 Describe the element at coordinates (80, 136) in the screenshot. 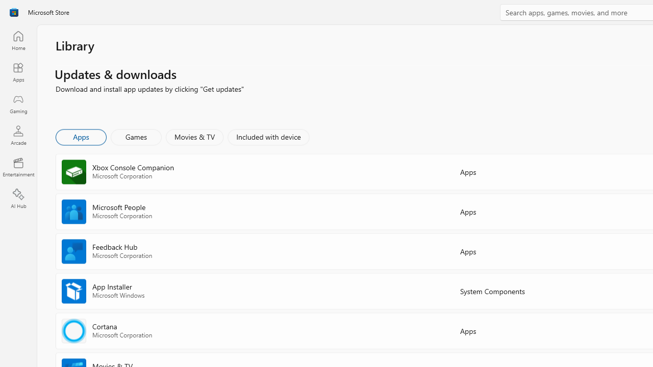

I see `'Apps'` at that location.